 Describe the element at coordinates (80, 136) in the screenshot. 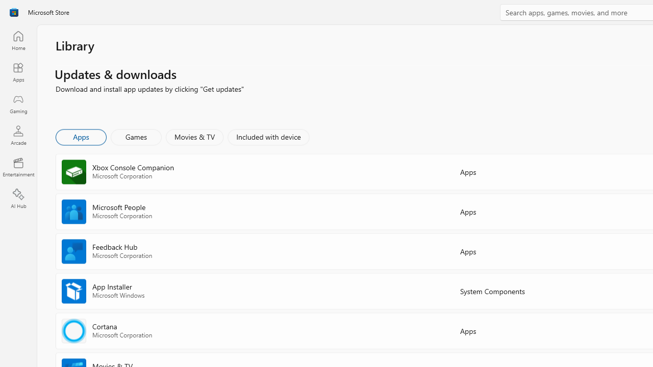

I see `'Apps'` at that location.